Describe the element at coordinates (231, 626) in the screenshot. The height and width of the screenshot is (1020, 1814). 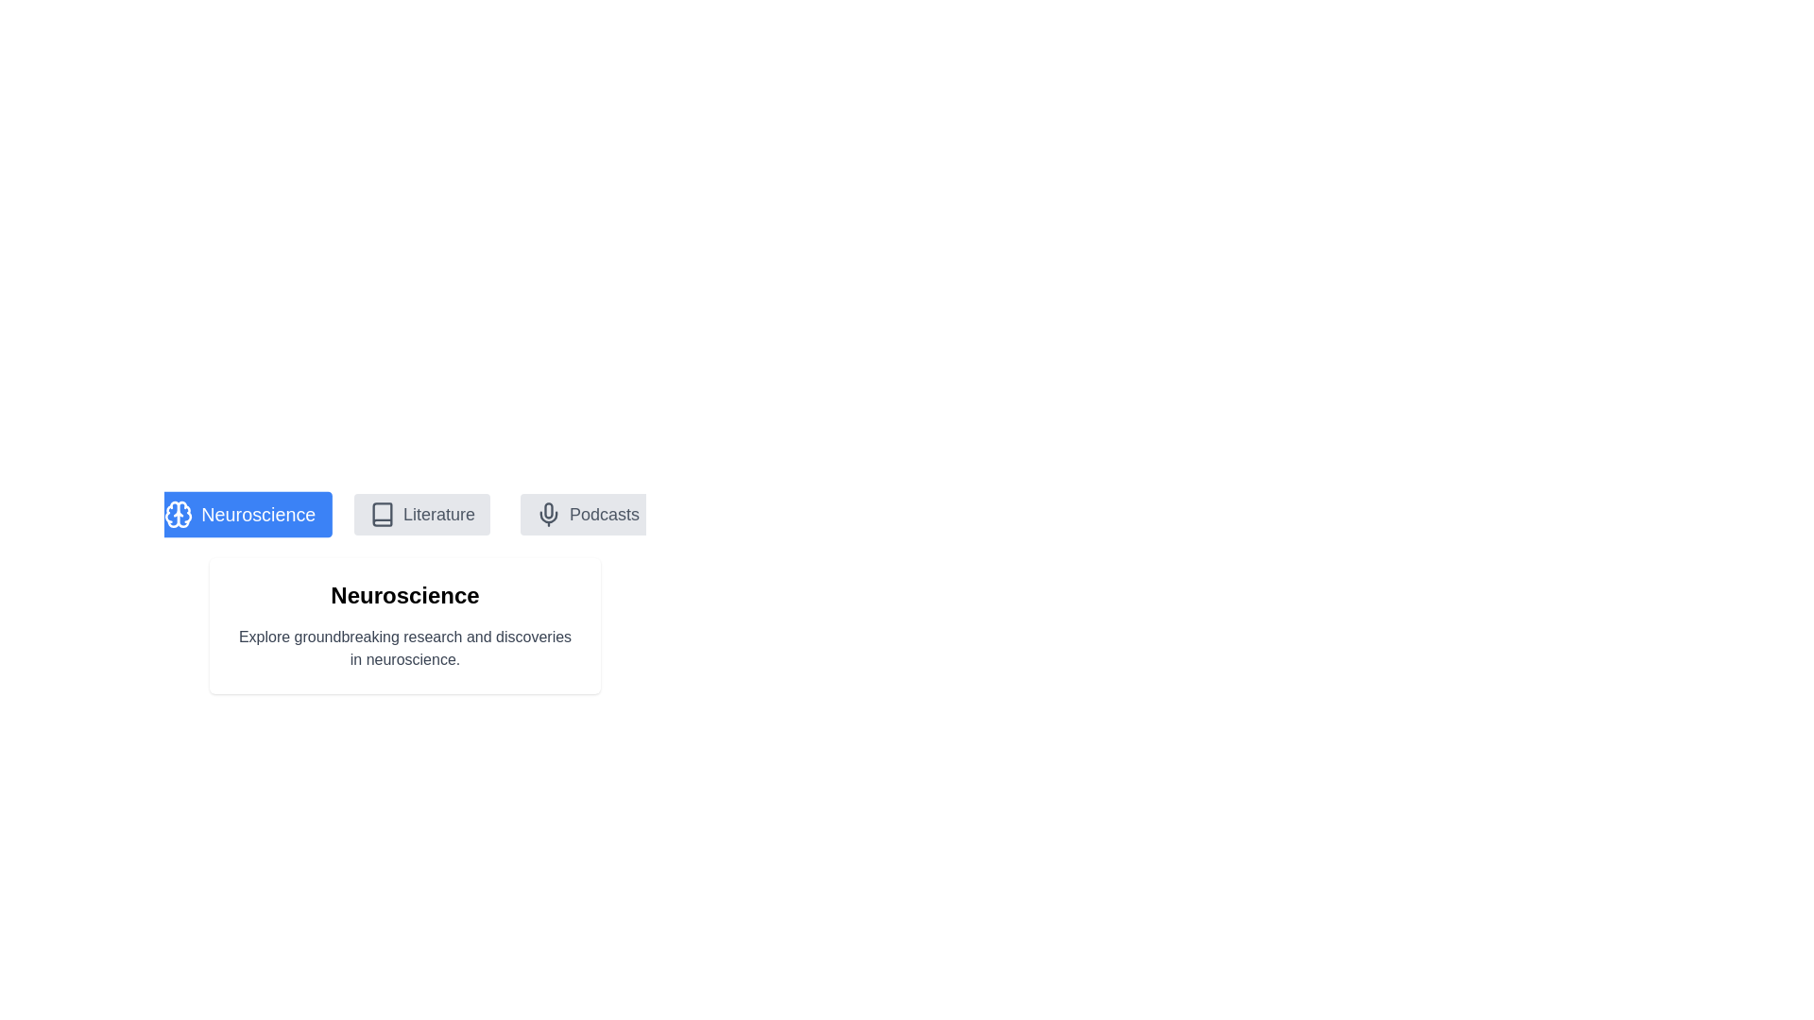
I see `the text displayed in the active tab` at that location.